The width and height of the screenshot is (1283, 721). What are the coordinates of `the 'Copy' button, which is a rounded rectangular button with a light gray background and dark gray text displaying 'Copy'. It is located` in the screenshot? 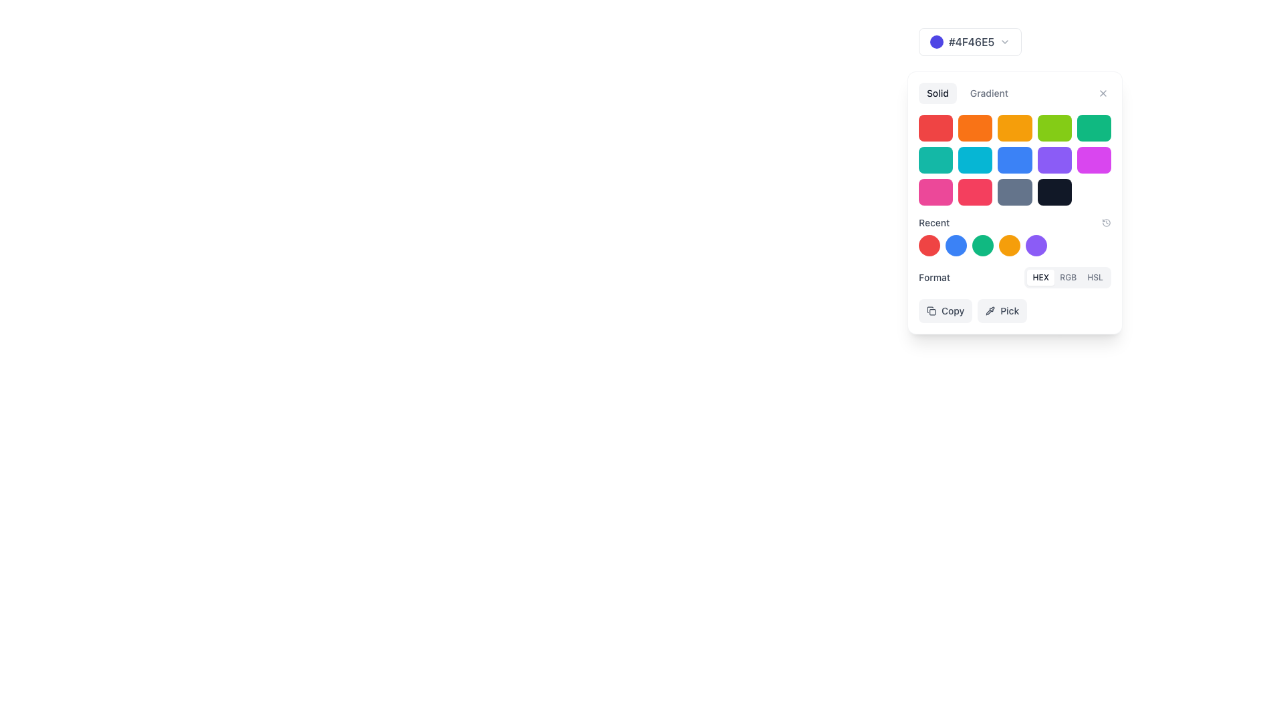 It's located at (945, 311).